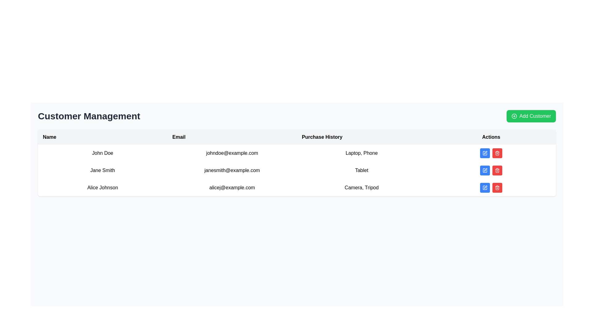 Image resolution: width=592 pixels, height=333 pixels. Describe the element at coordinates (497, 170) in the screenshot. I see `the delete button with a trash icon located in the actions column of the second row in the customer management table` at that location.